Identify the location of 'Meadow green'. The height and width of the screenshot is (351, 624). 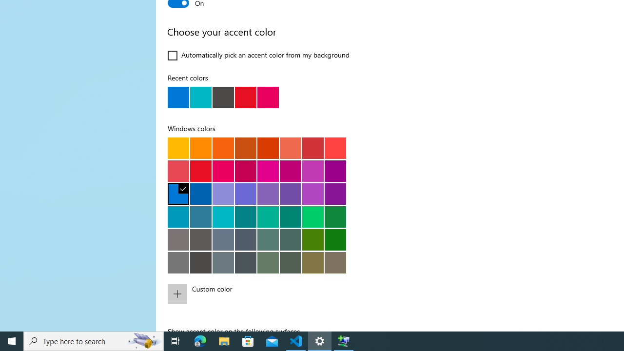
(312, 239).